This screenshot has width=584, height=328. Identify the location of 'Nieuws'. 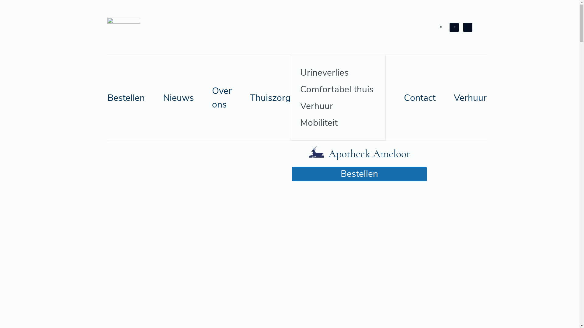
(163, 97).